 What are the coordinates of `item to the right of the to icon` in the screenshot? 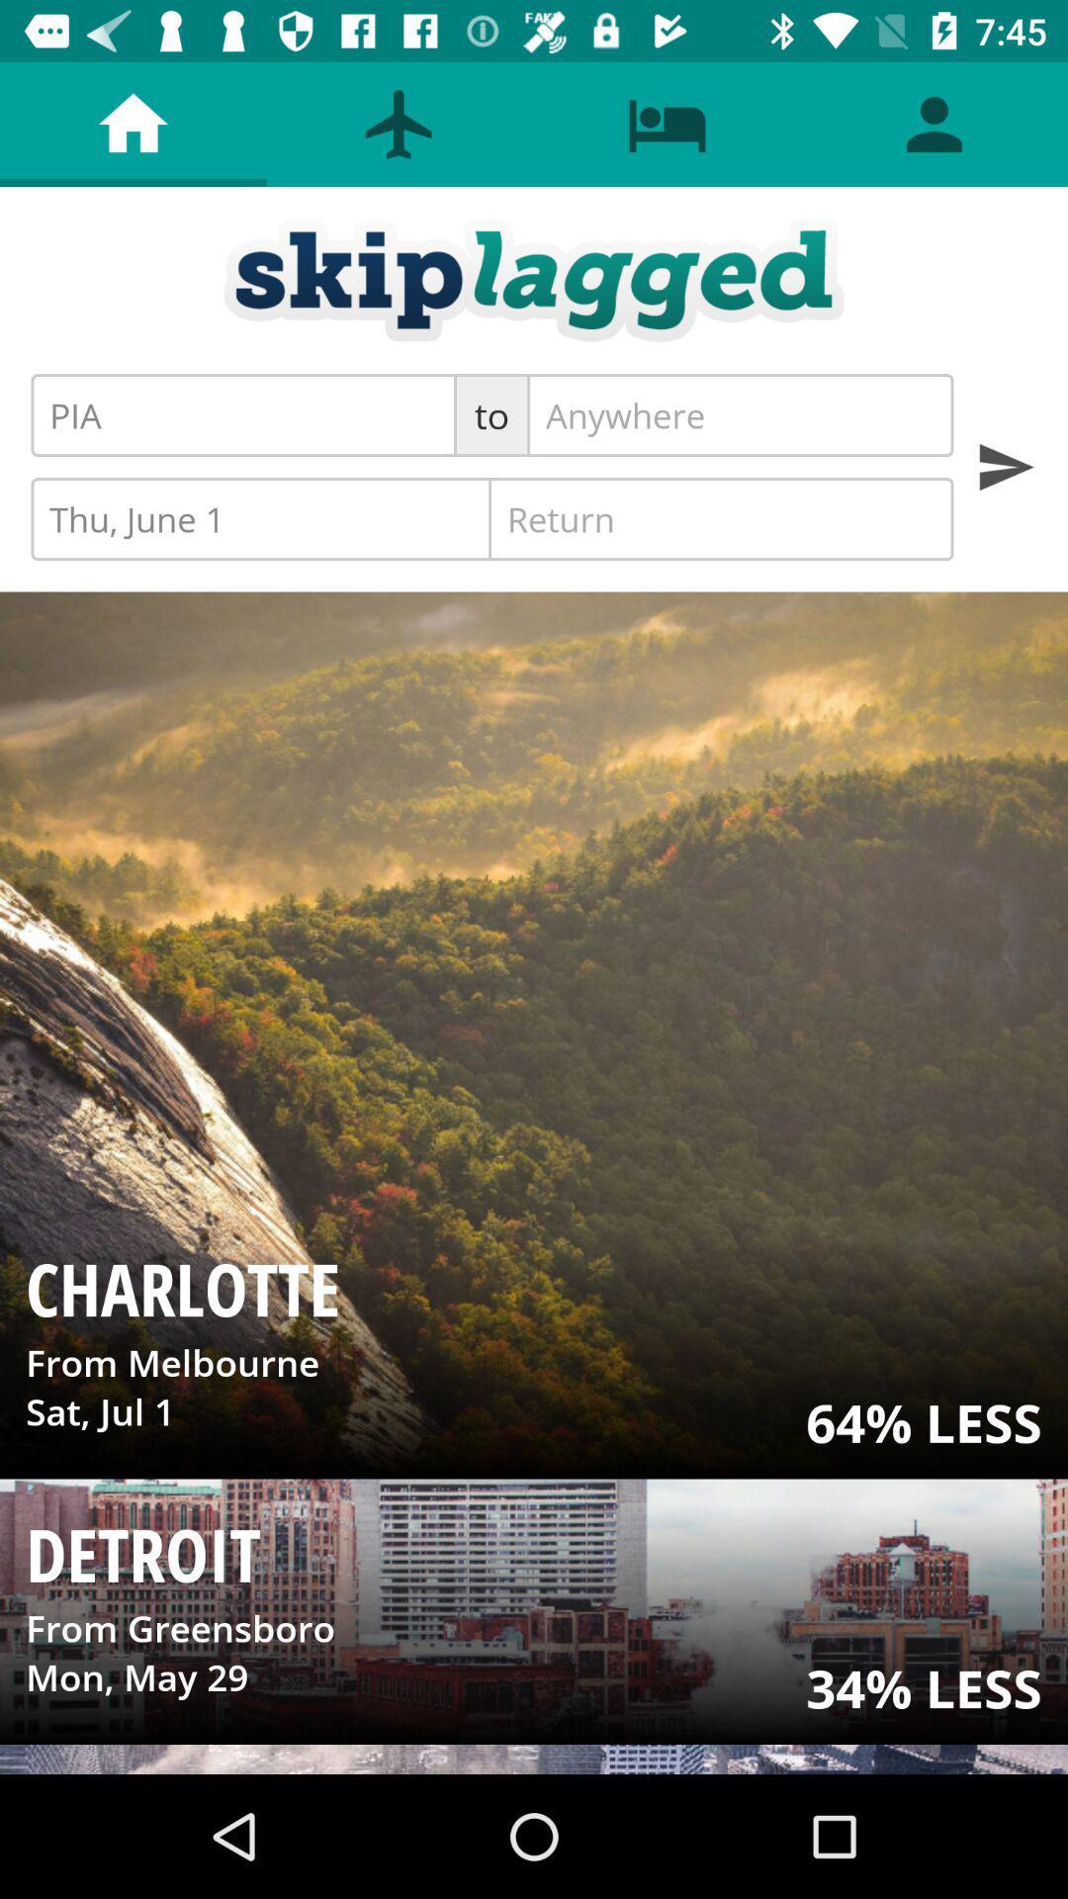 It's located at (740, 414).